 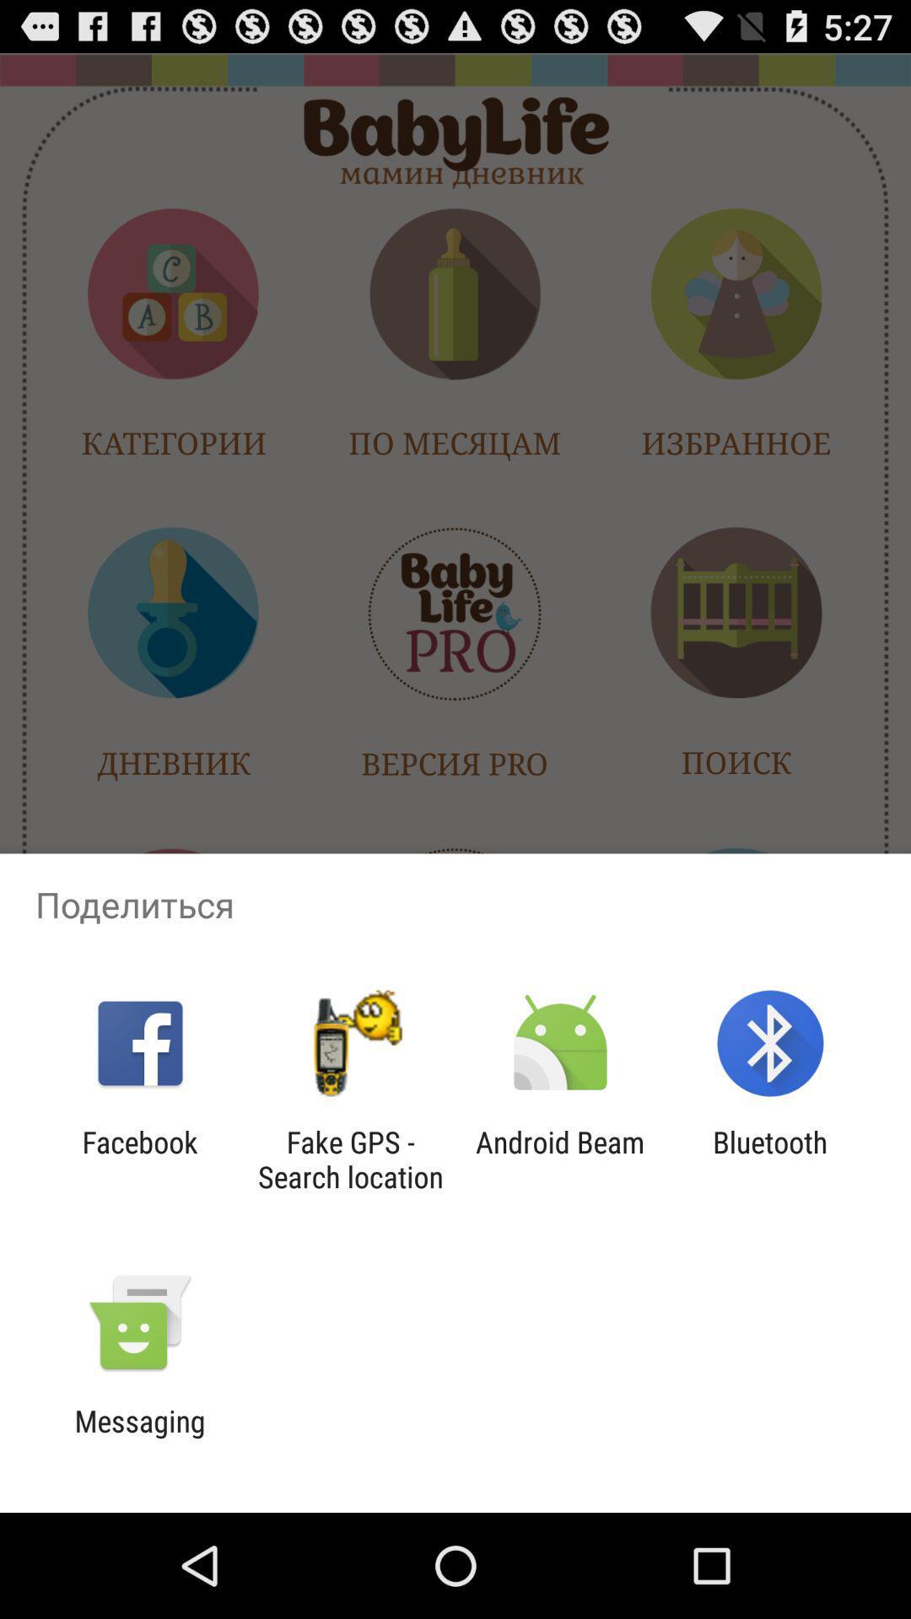 What do you see at coordinates (770, 1159) in the screenshot?
I see `the item next to the android beam` at bounding box center [770, 1159].